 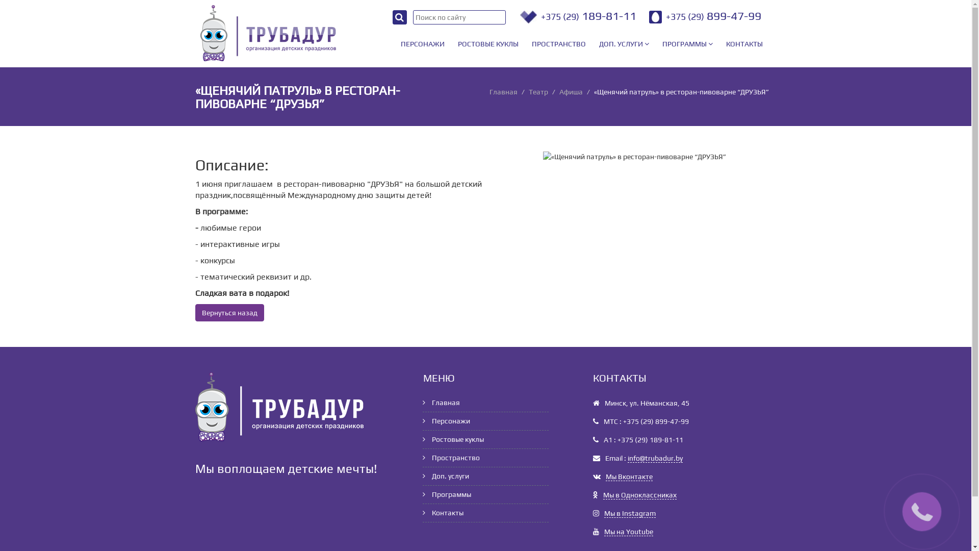 What do you see at coordinates (654, 458) in the screenshot?
I see `'info@trubadur.by'` at bounding box center [654, 458].